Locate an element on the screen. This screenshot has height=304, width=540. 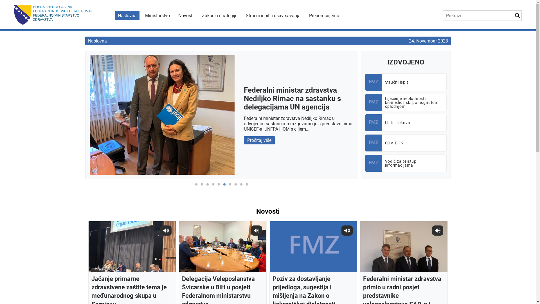
'10' is located at coordinates (247, 187).